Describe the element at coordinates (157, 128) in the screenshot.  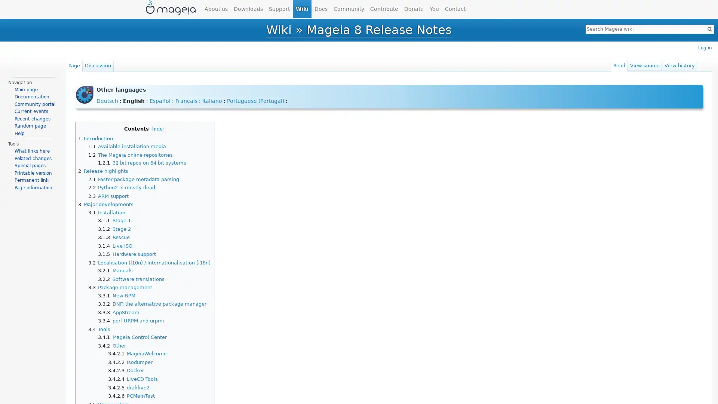
I see `hide` at that location.